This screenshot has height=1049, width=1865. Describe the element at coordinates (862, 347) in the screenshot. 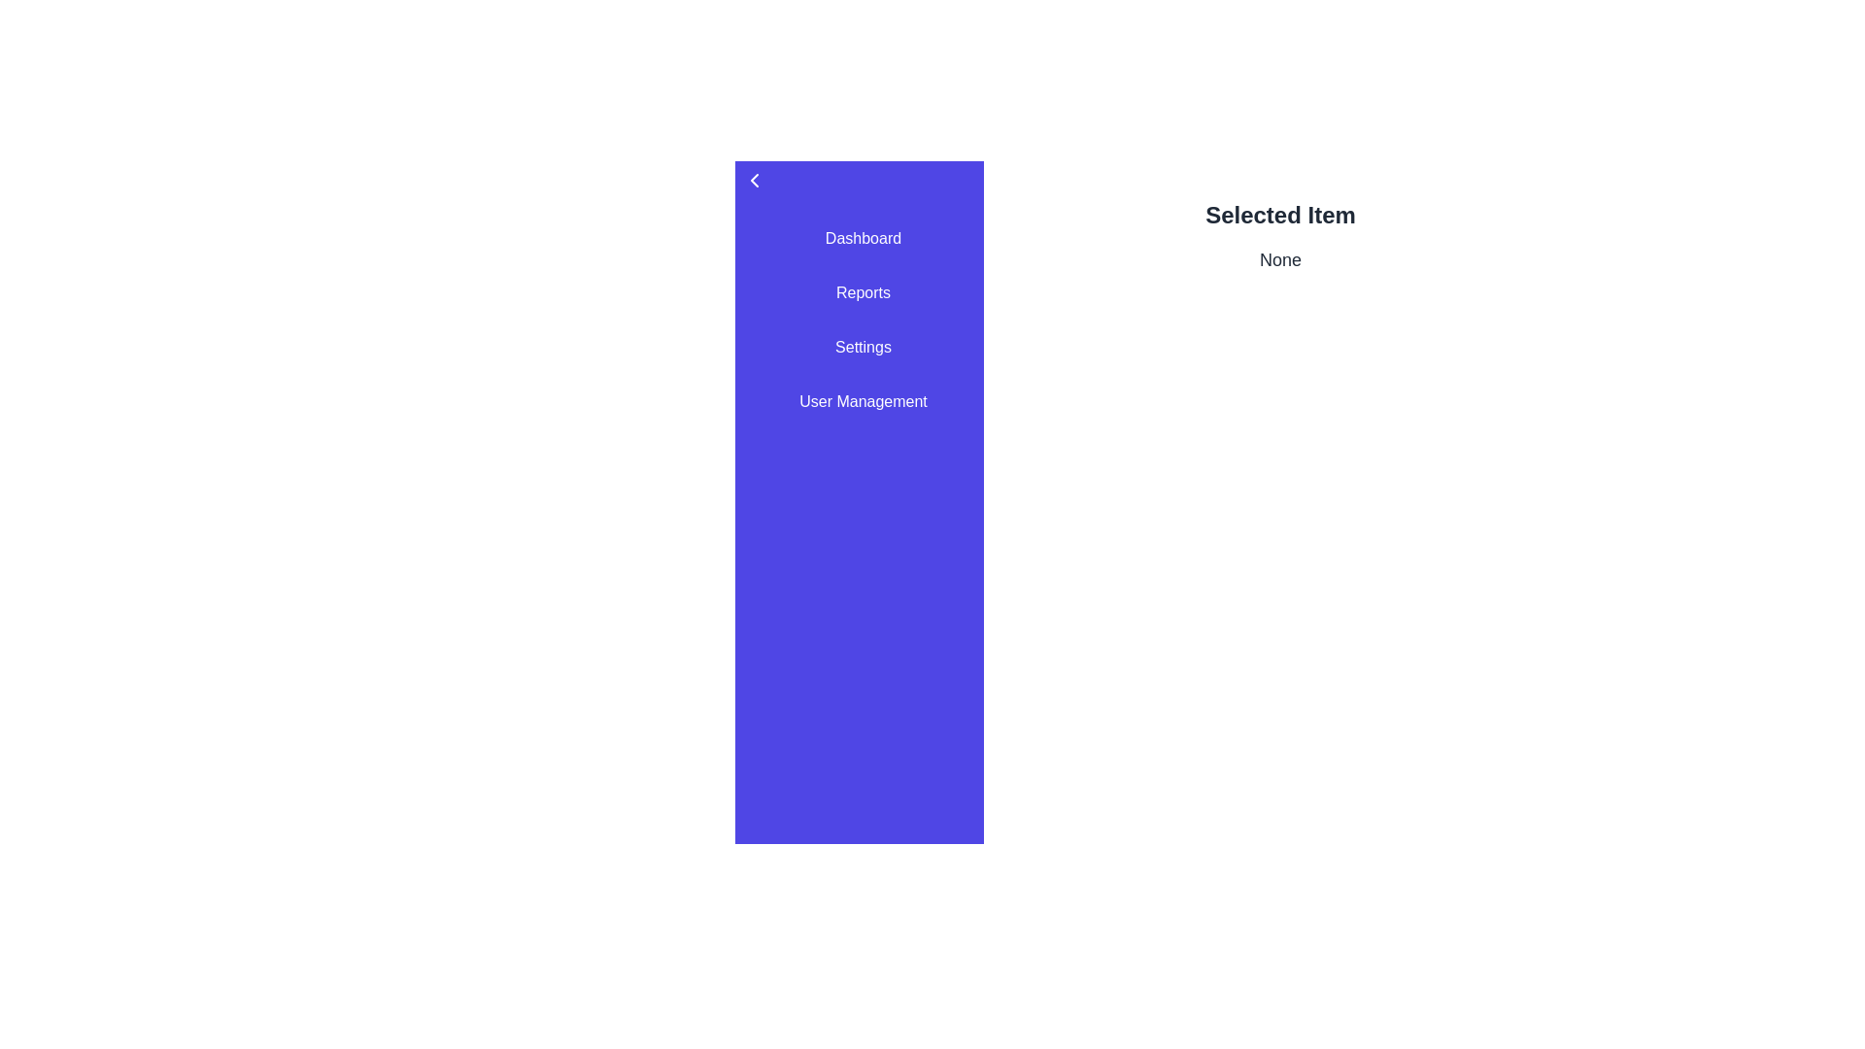

I see `the 'Settings' button, which is a rectangular button with white text on a blue background, located in the sidebar between 'Reports' and 'User Management'` at that location.